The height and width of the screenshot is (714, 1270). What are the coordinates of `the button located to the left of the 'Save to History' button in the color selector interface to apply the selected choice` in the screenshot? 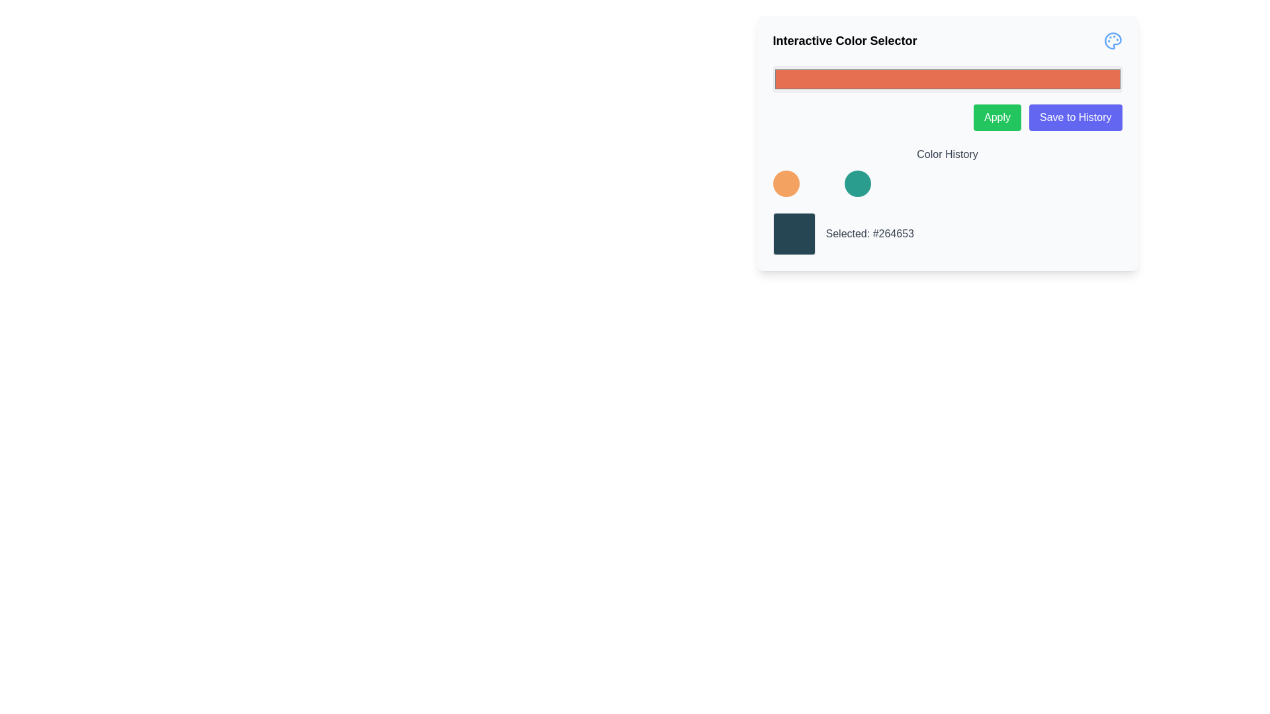 It's located at (997, 116).